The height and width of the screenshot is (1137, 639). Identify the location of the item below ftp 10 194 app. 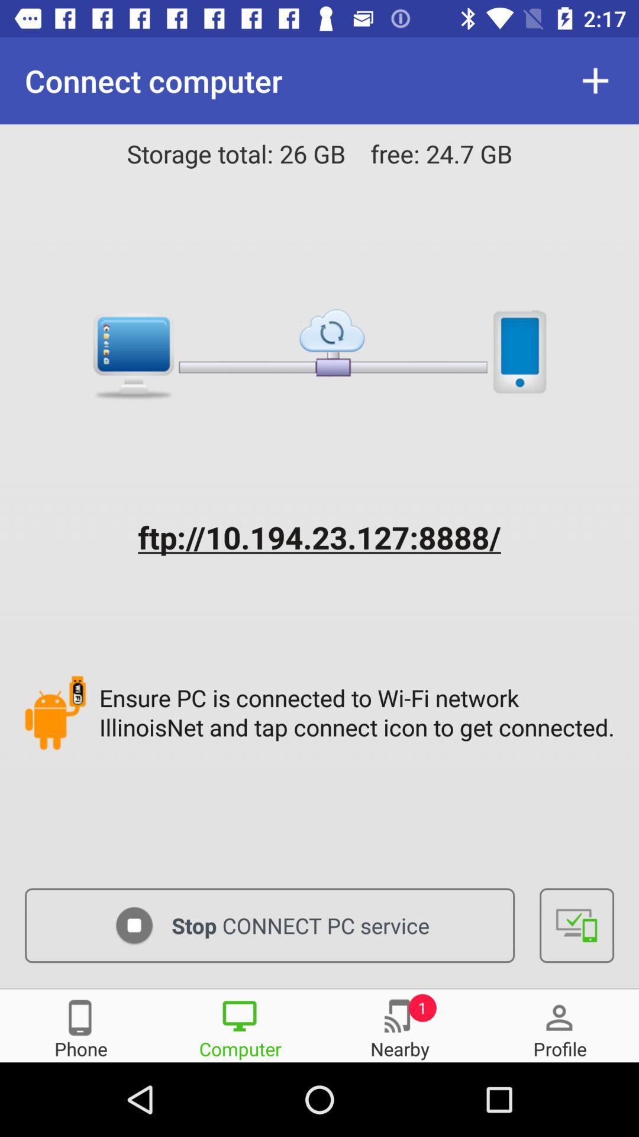
(359, 712).